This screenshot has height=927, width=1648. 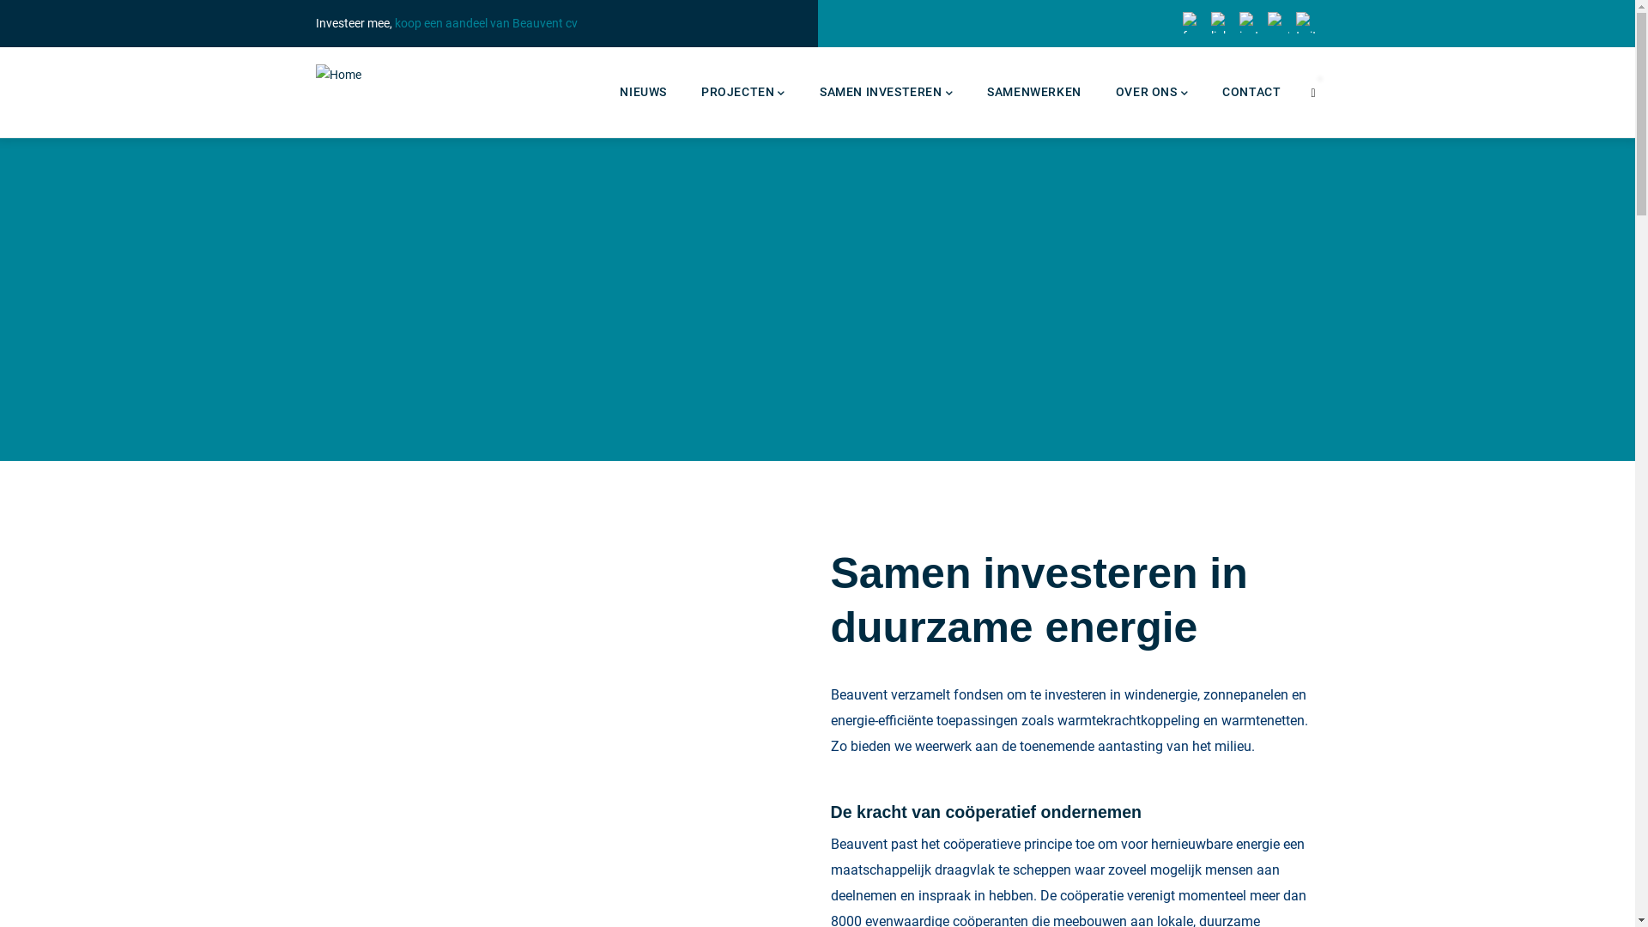 What do you see at coordinates (742, 92) in the screenshot?
I see `'PROJECTEN'` at bounding box center [742, 92].